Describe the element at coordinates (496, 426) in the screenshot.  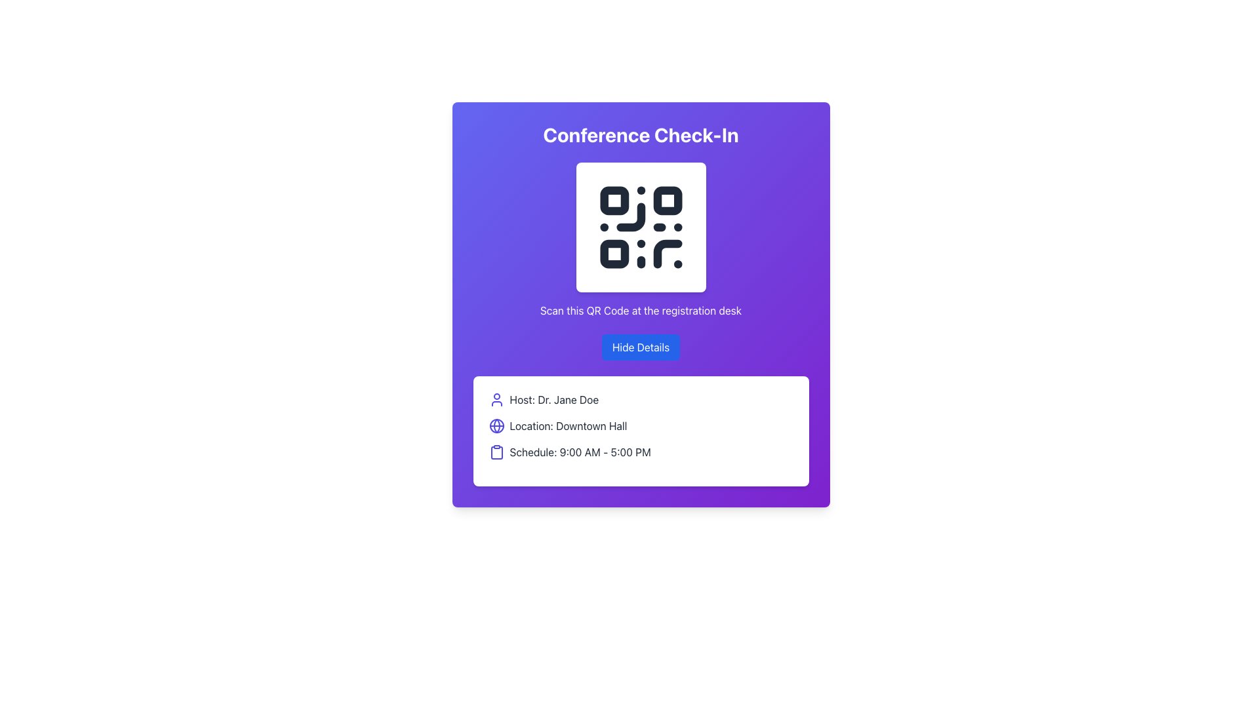
I see `the globe icon with class 'lucide-globe' that indicates location, situated to the left of the text 'Location: Downtown Hall'` at that location.